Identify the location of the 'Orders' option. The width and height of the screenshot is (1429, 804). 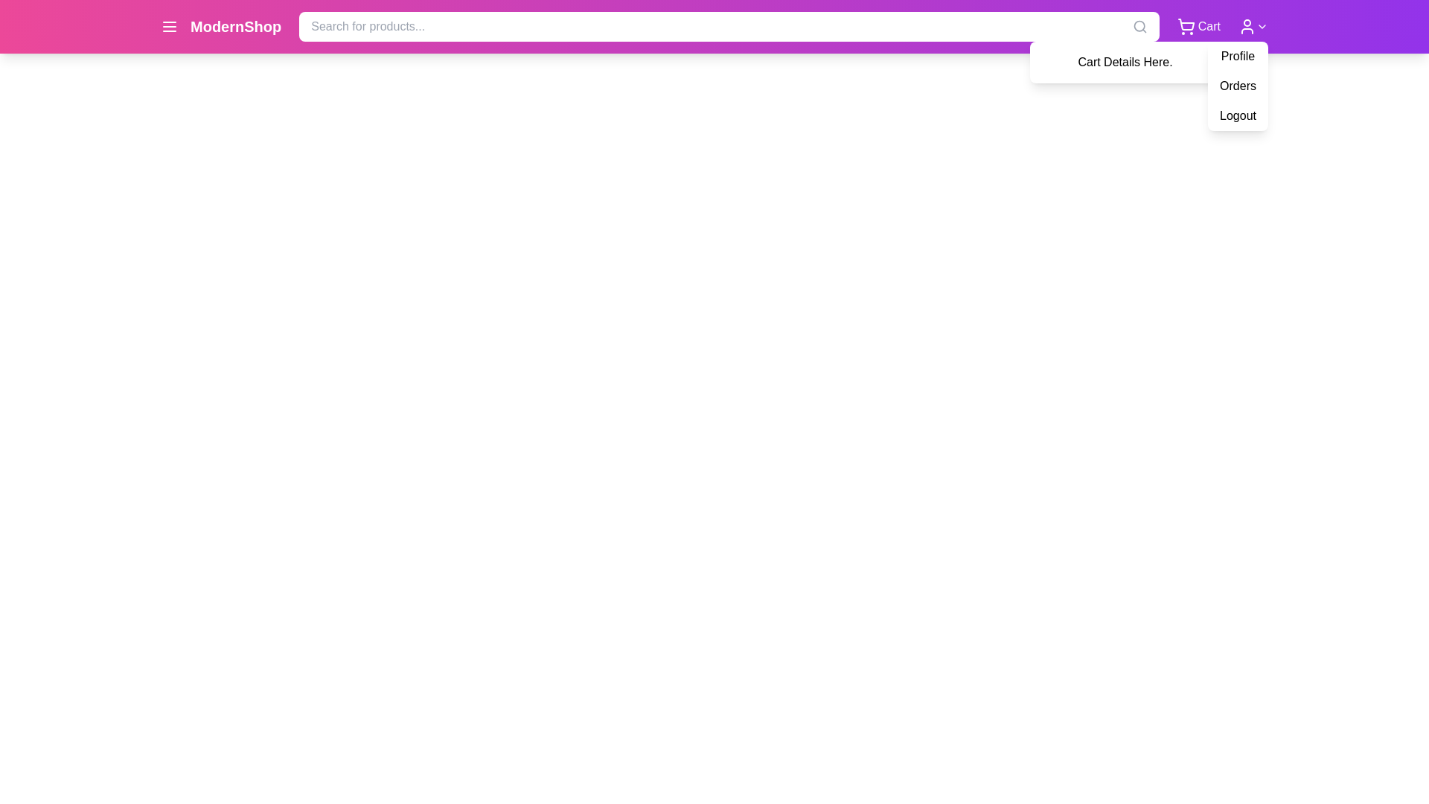
(1238, 86).